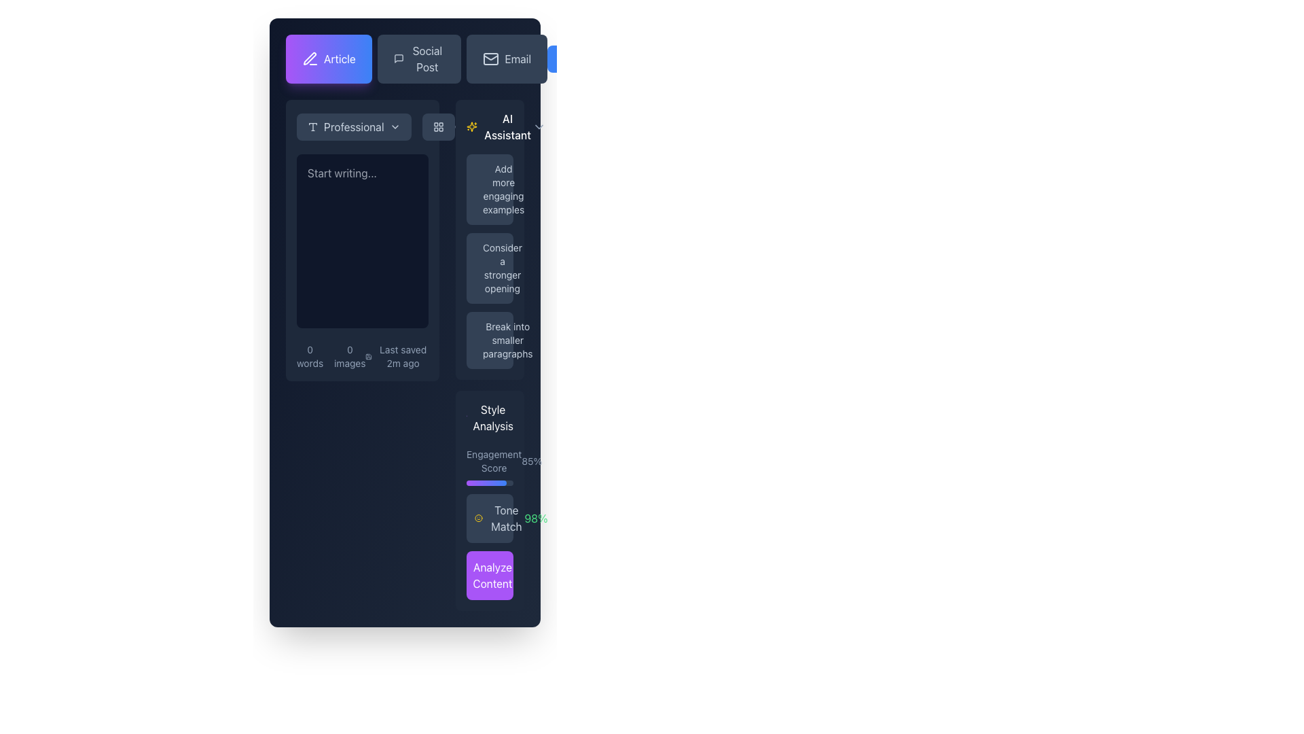  What do you see at coordinates (329, 58) in the screenshot?
I see `the rounded rectangular button labeled 'Article' with a gradient background transitioning from purple to blue to observe any hover effects` at bounding box center [329, 58].